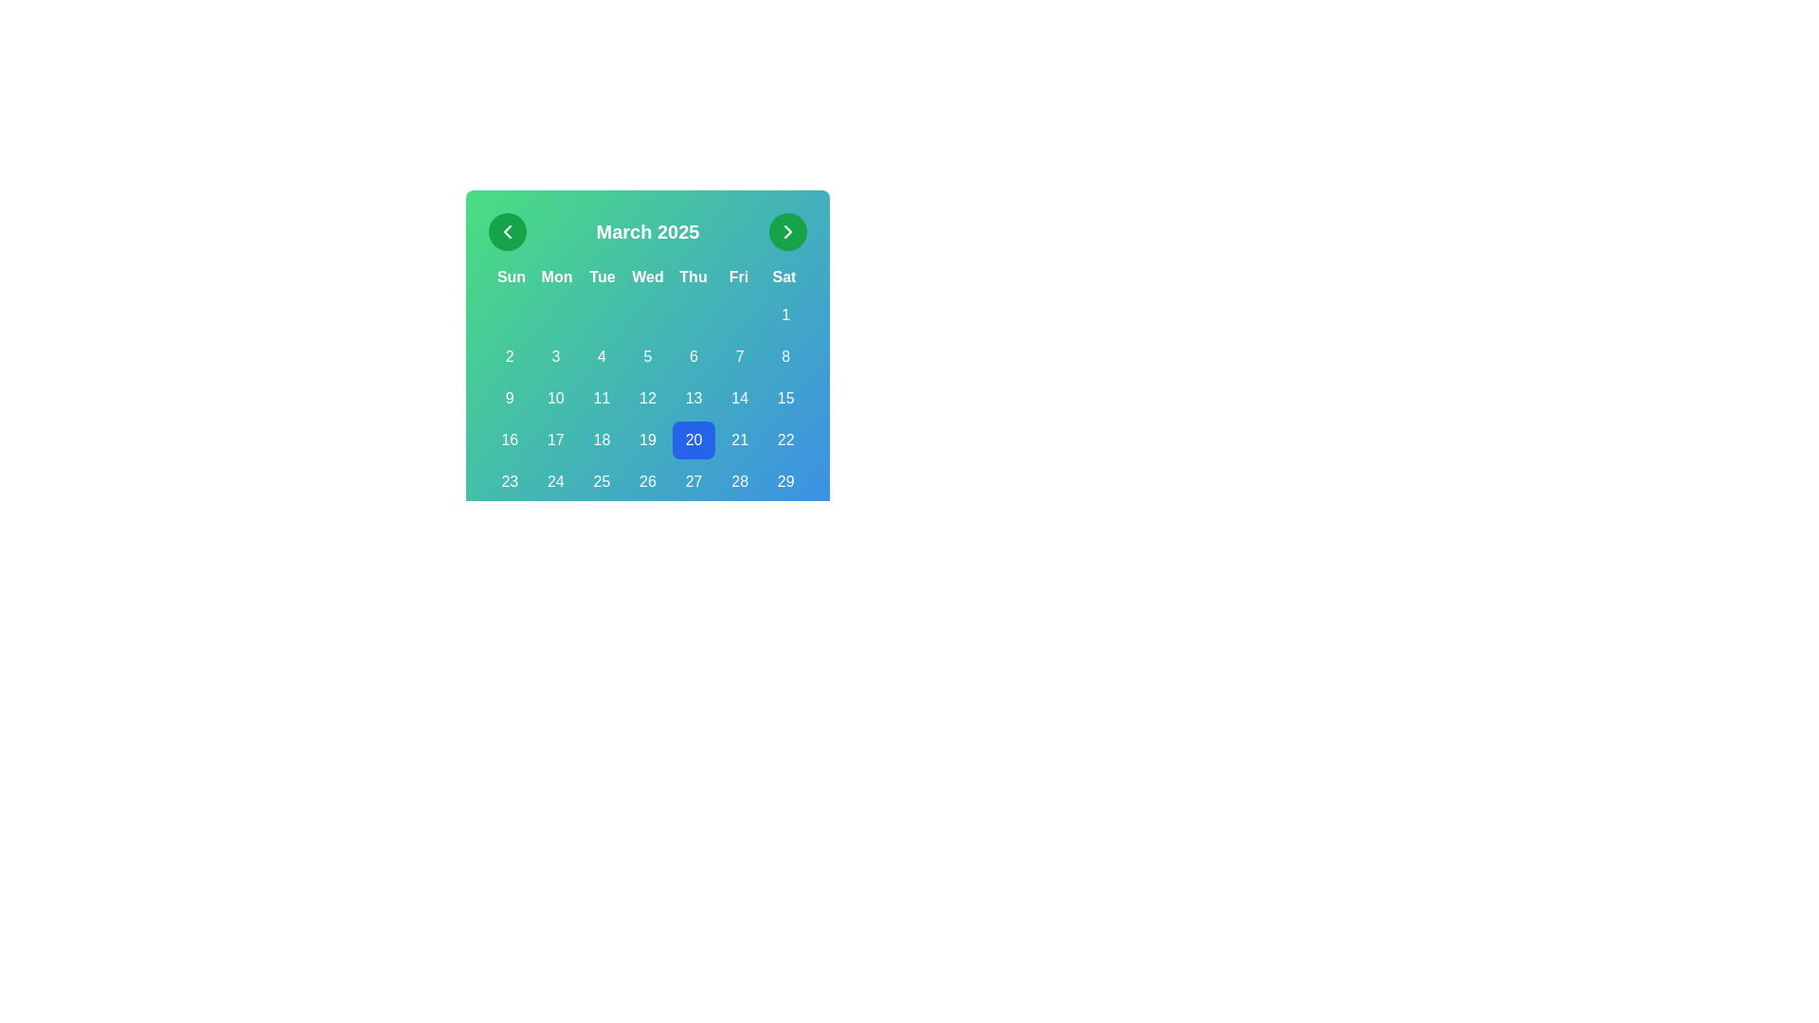 The image size is (1819, 1023). I want to click on the button labeled '6' in the second row, sixth column of the calendar grid to activate the hover effect, so click(693, 357).